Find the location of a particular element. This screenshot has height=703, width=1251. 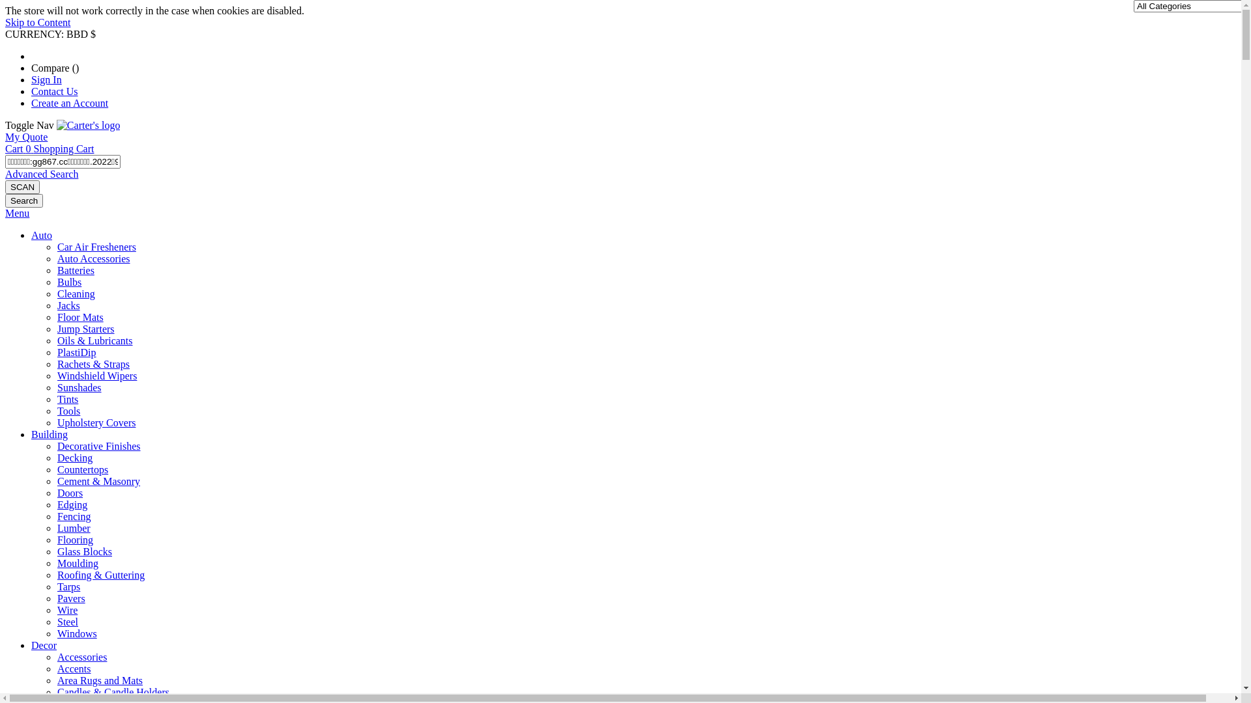

'Cleaning' is located at coordinates (75, 294).